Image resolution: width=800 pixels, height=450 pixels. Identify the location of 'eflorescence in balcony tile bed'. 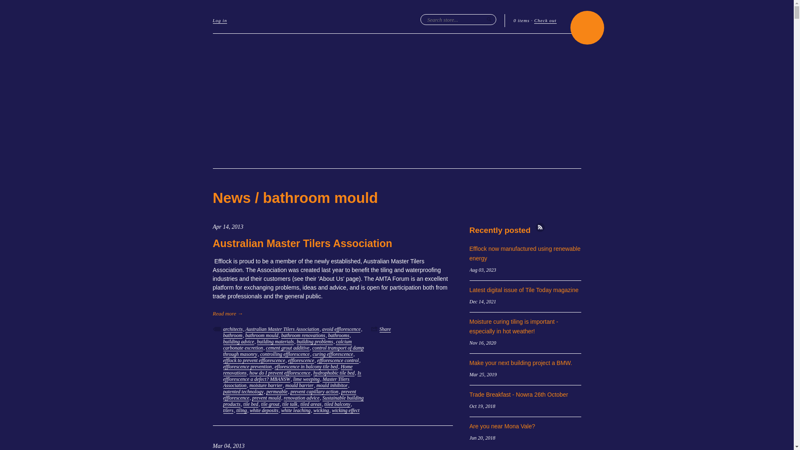
(274, 366).